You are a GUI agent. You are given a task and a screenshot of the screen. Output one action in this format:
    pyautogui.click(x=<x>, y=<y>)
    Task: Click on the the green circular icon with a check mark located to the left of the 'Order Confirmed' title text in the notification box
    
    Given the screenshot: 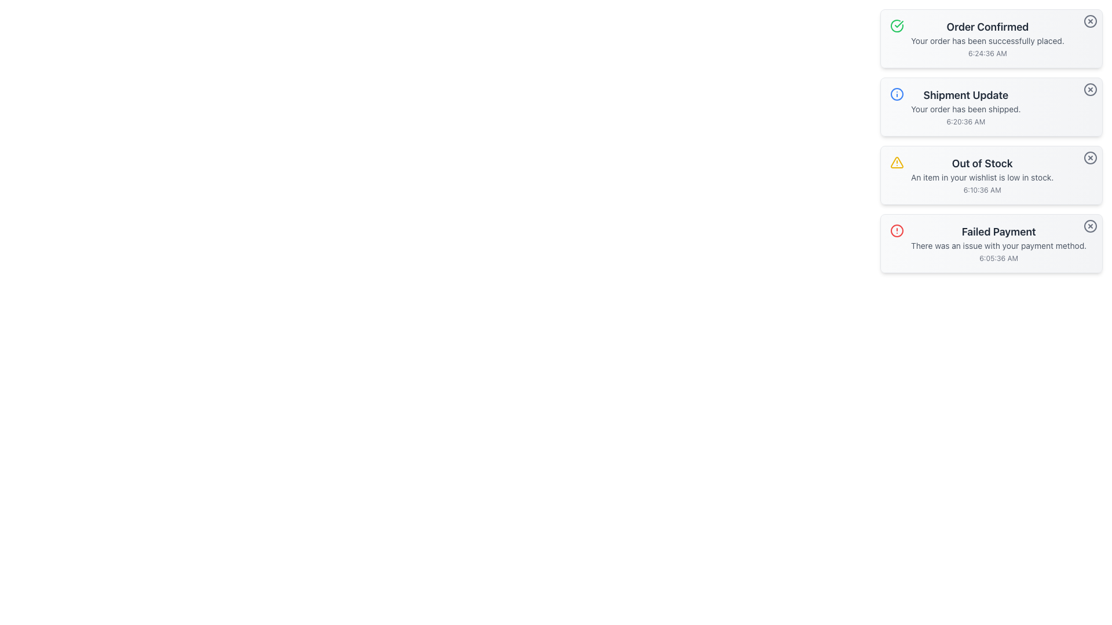 What is the action you would take?
    pyautogui.click(x=897, y=26)
    